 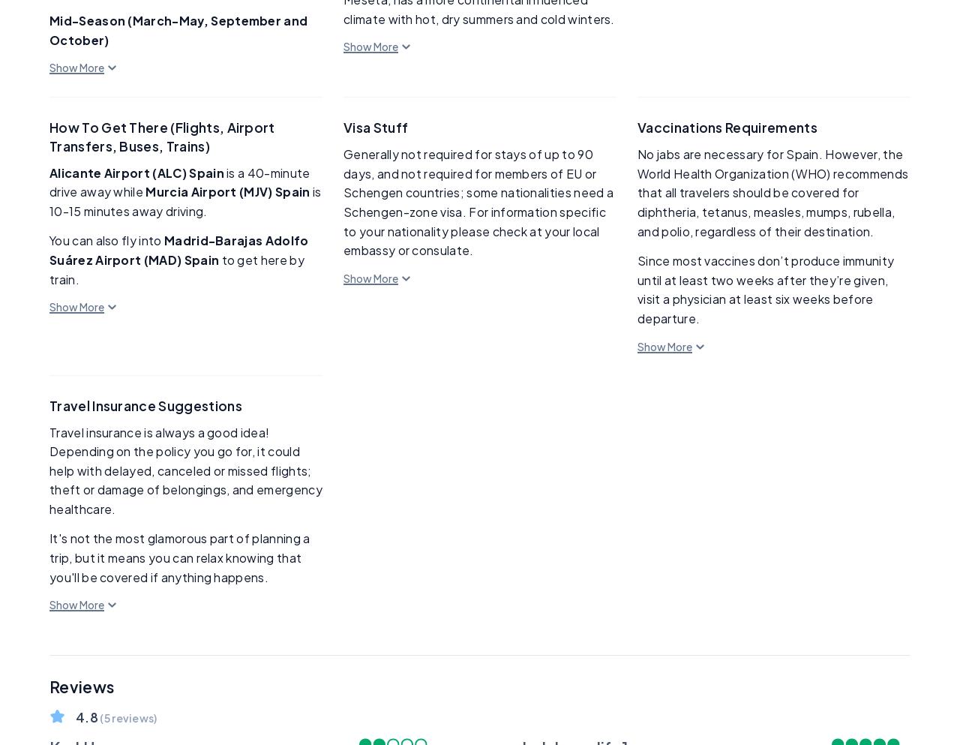 I want to click on 'No jabs are necessary for Spain. However, the World Health Organization (WHO) recommends that all travelers should be covered for diphtheria, tetanus, measles, mumps, rubella, and polio, regardless of their destination.', so click(x=772, y=191).